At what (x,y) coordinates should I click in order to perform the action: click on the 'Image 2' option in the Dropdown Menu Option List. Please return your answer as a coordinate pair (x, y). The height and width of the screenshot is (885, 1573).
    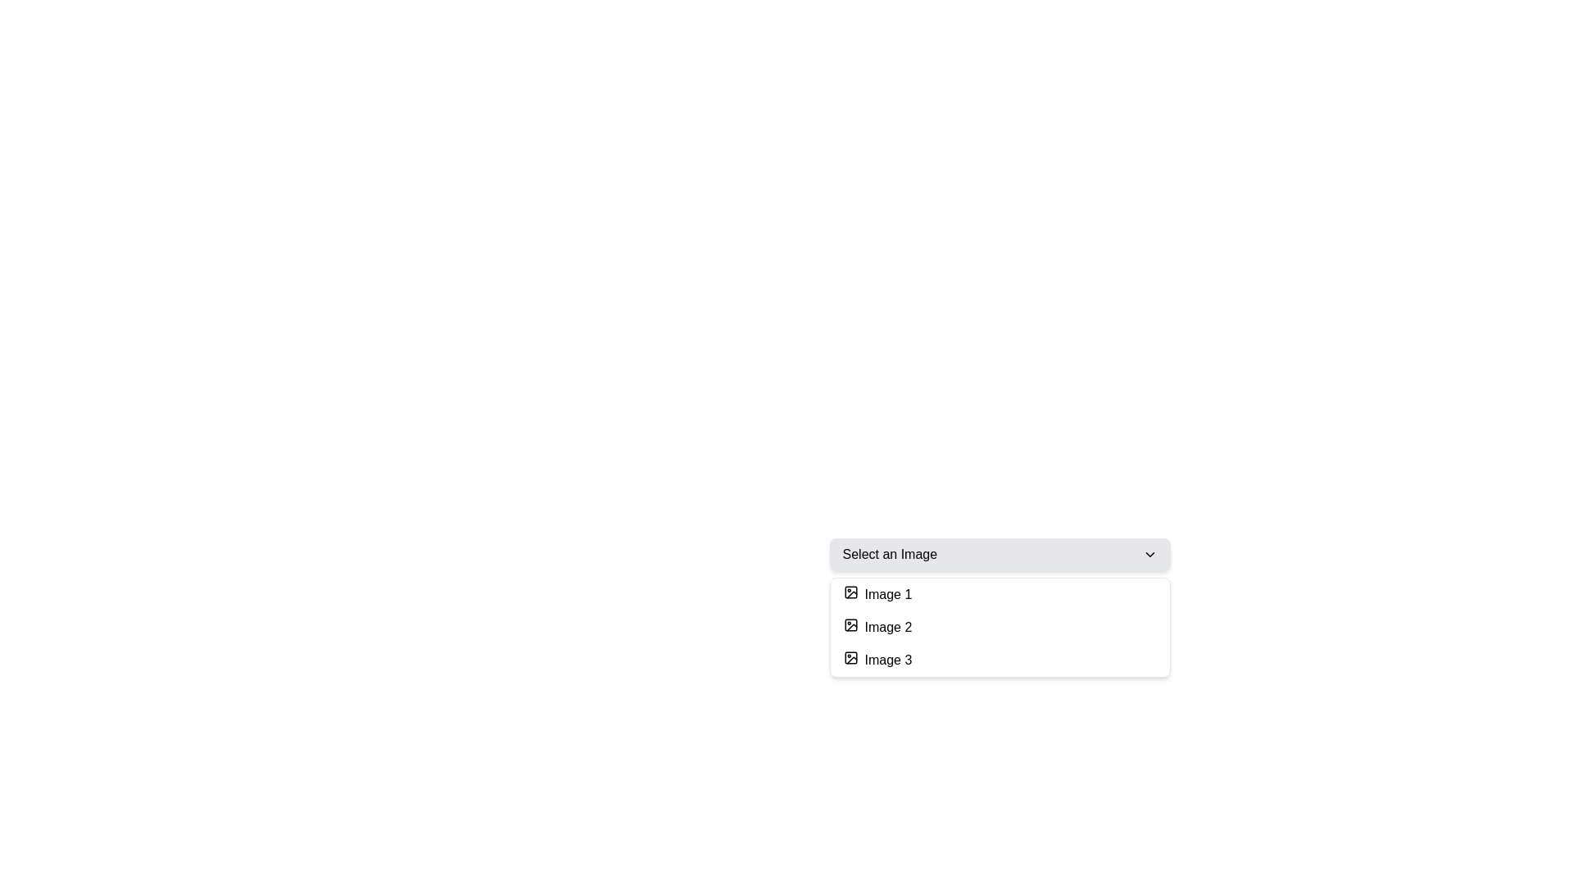
    Looking at the image, I should click on (999, 627).